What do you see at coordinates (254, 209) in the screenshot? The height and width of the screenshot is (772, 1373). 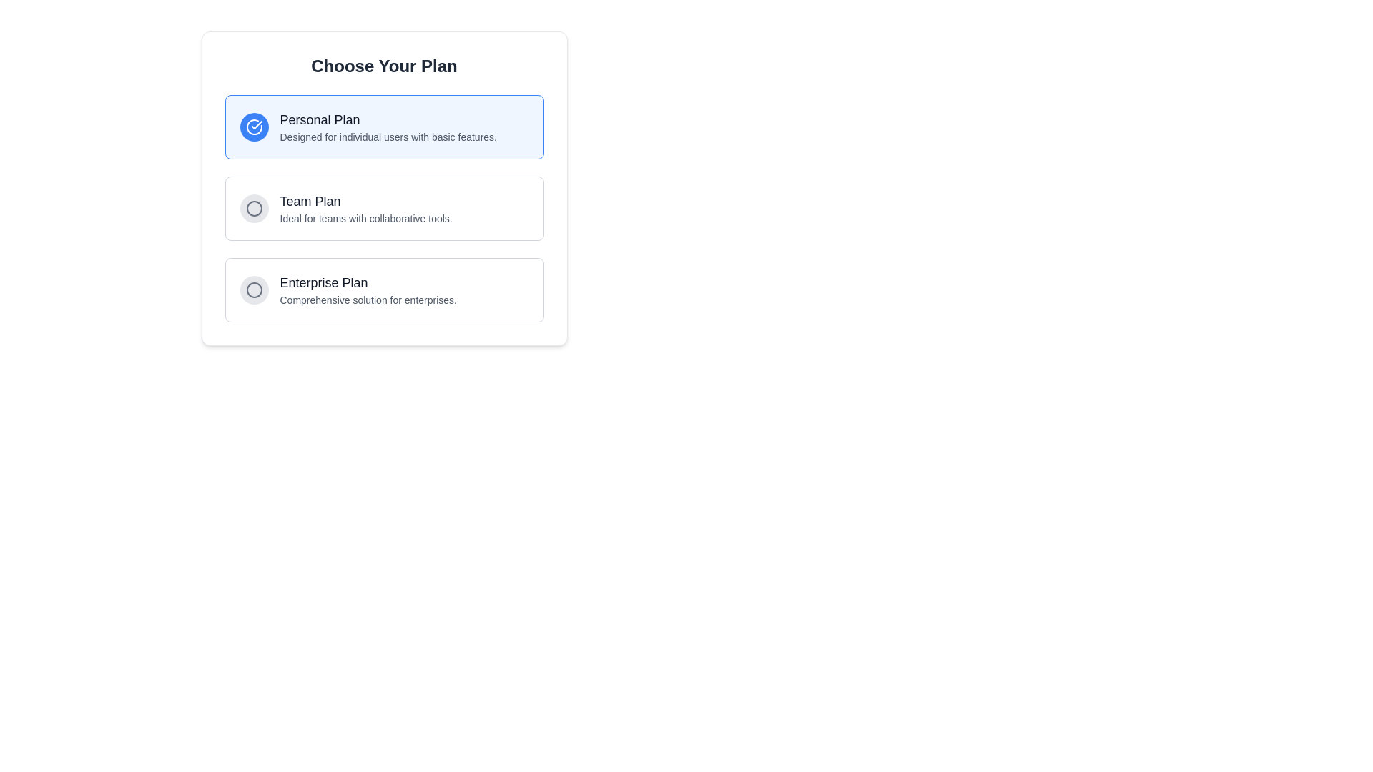 I see `the circular icon for the 'Team Plan' choice, located to the left of the 'Team Plan' text in the second option row` at bounding box center [254, 209].